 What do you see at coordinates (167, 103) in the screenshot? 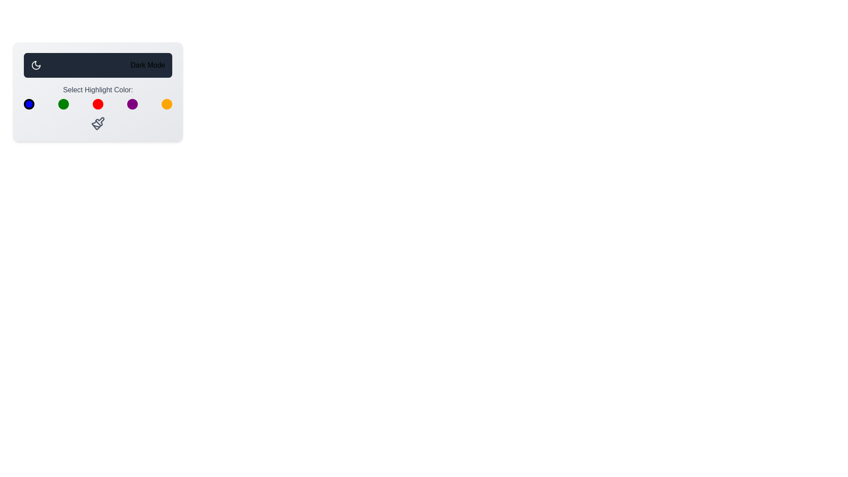
I see `the rightmost circular button used to select or activate the orange color feature, which is part of the 'Select Highlight Color:' group, to trigger potential visual feedback` at bounding box center [167, 103].